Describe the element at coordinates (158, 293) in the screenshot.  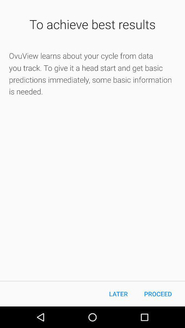
I see `the item next to later` at that location.